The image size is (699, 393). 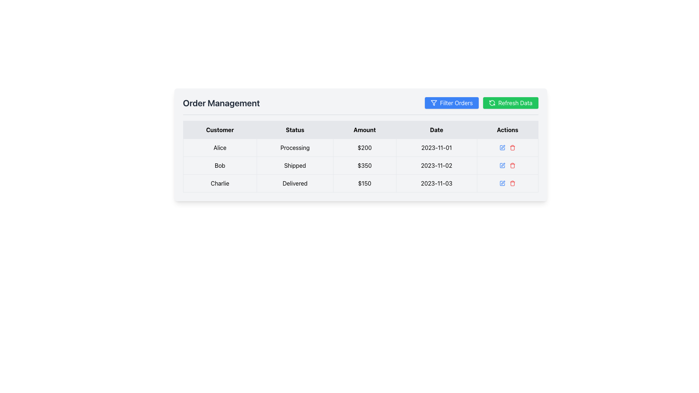 What do you see at coordinates (512, 166) in the screenshot?
I see `the delete icon in the Actions column of the table for the entry associated with 'Bob'` at bounding box center [512, 166].